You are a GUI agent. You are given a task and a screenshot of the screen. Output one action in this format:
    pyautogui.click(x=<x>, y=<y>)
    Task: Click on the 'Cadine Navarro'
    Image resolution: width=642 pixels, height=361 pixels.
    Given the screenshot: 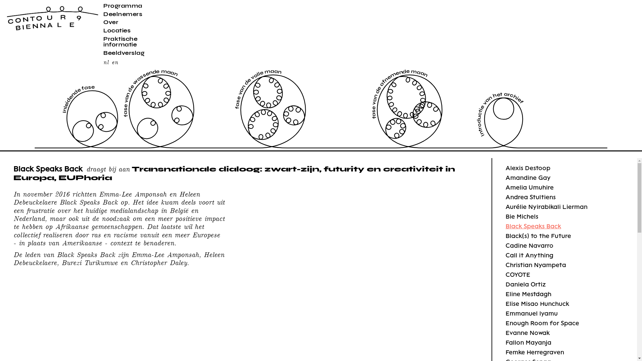 What is the action you would take?
    pyautogui.click(x=529, y=245)
    